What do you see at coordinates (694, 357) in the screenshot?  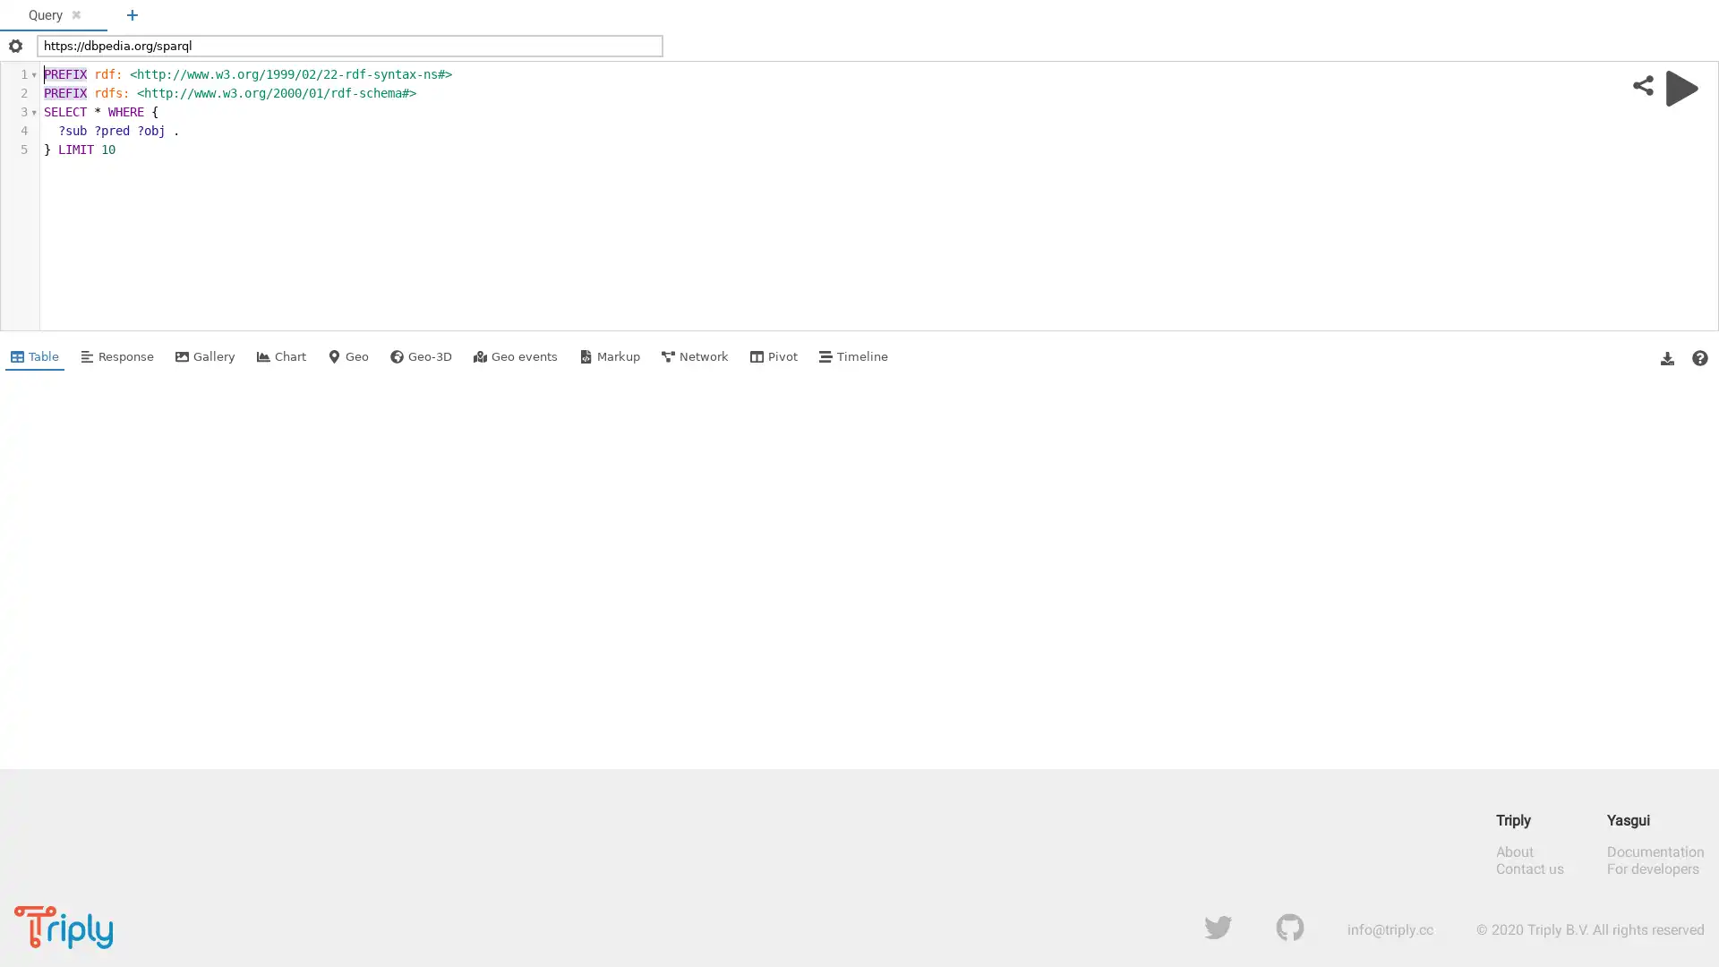 I see `Shows Network view` at bounding box center [694, 357].